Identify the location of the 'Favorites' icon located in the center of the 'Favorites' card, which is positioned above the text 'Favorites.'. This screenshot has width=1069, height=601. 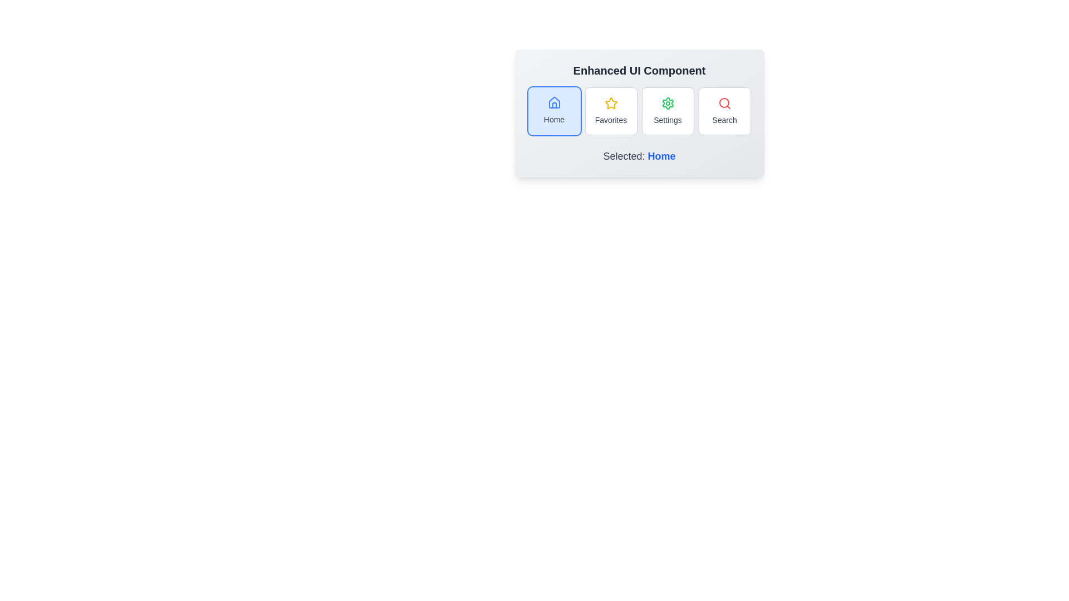
(610, 103).